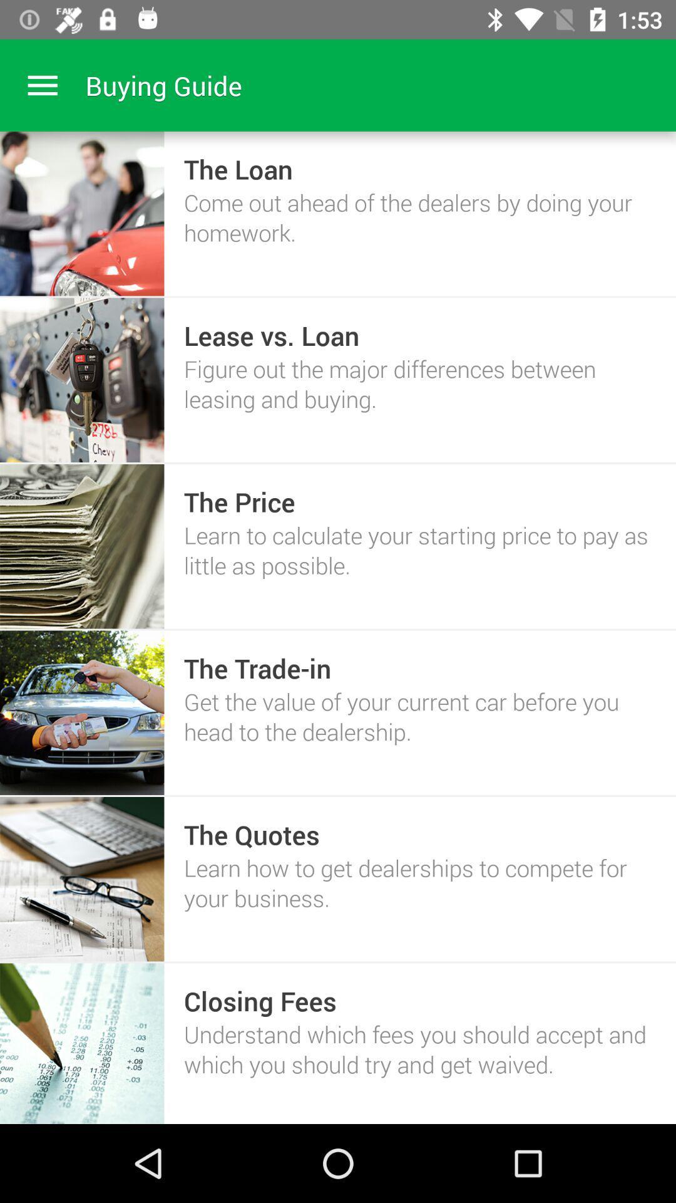 This screenshot has height=1203, width=676. What do you see at coordinates (420, 716) in the screenshot?
I see `icon above the the quotes` at bounding box center [420, 716].